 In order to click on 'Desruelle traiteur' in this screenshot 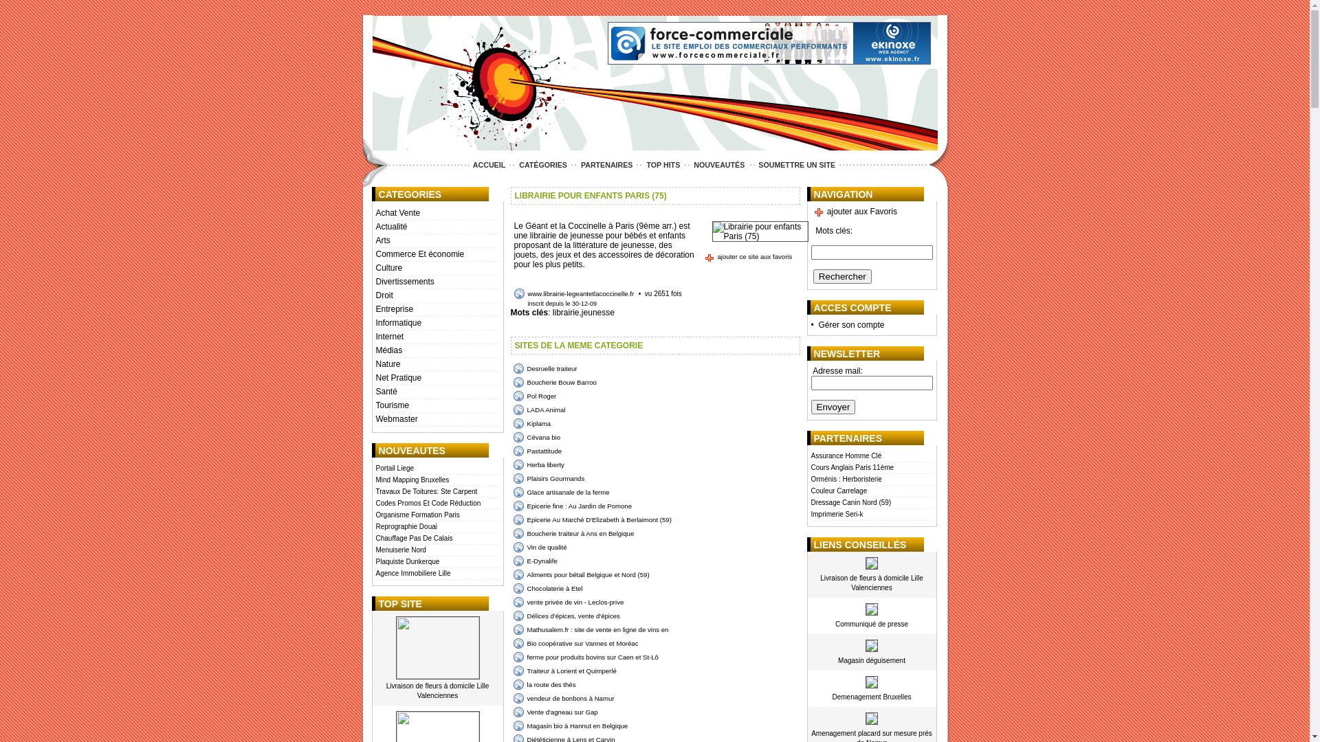, I will do `click(511, 368)`.